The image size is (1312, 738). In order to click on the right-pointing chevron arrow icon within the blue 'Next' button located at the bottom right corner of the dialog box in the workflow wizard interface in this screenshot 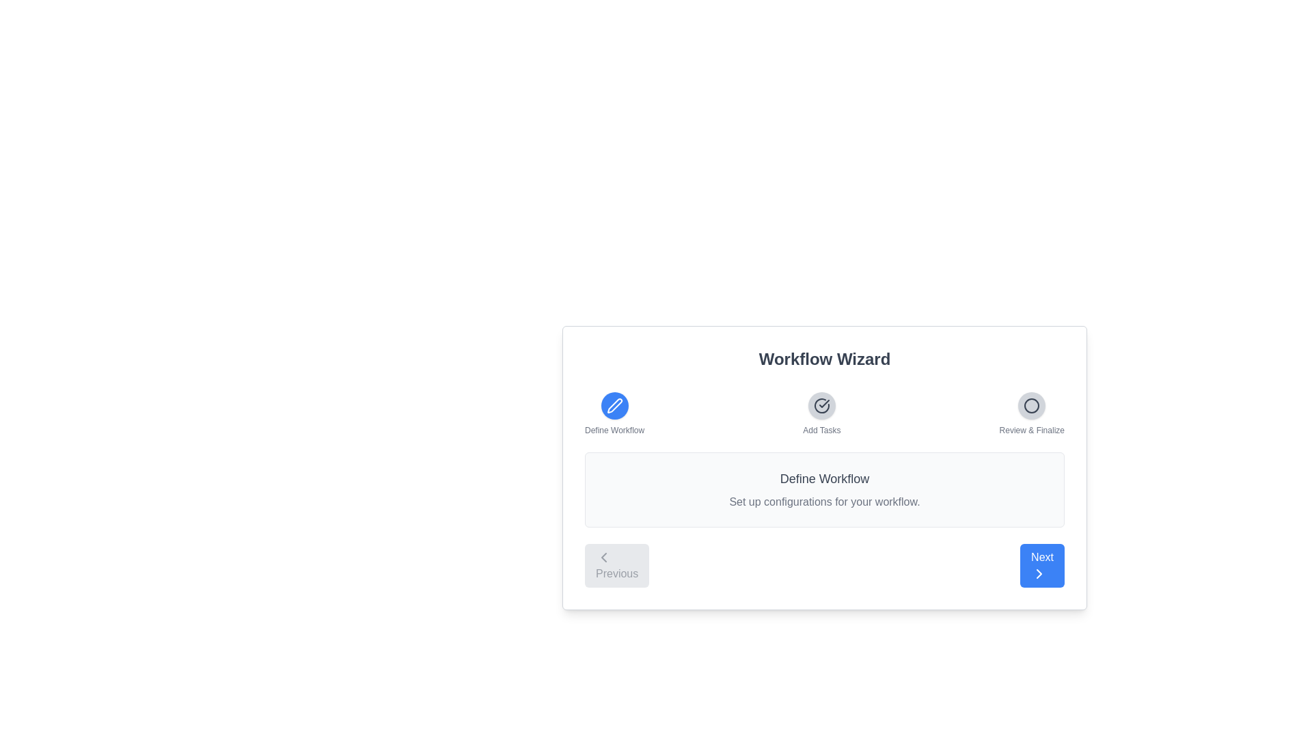, I will do `click(1039, 574)`.